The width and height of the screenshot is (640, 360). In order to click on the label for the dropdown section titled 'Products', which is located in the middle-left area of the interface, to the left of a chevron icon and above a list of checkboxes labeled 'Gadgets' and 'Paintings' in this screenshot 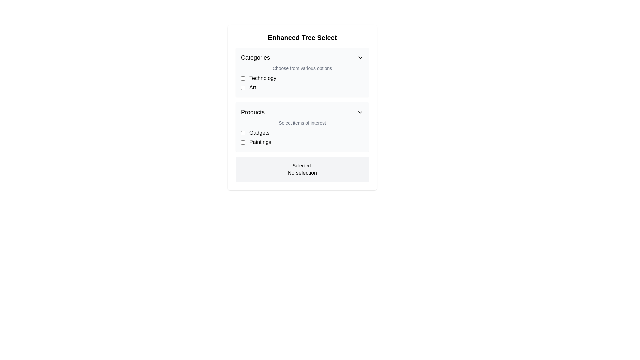, I will do `click(252, 112)`.